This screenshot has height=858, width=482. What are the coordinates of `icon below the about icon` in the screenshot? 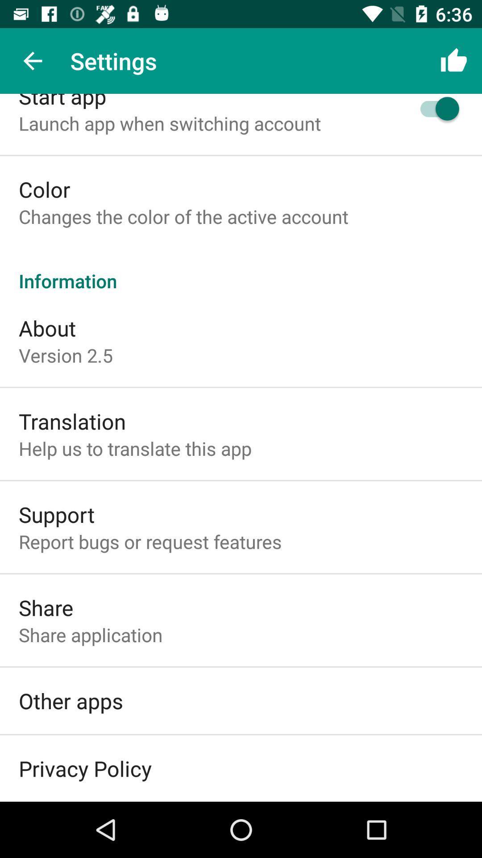 It's located at (65, 355).